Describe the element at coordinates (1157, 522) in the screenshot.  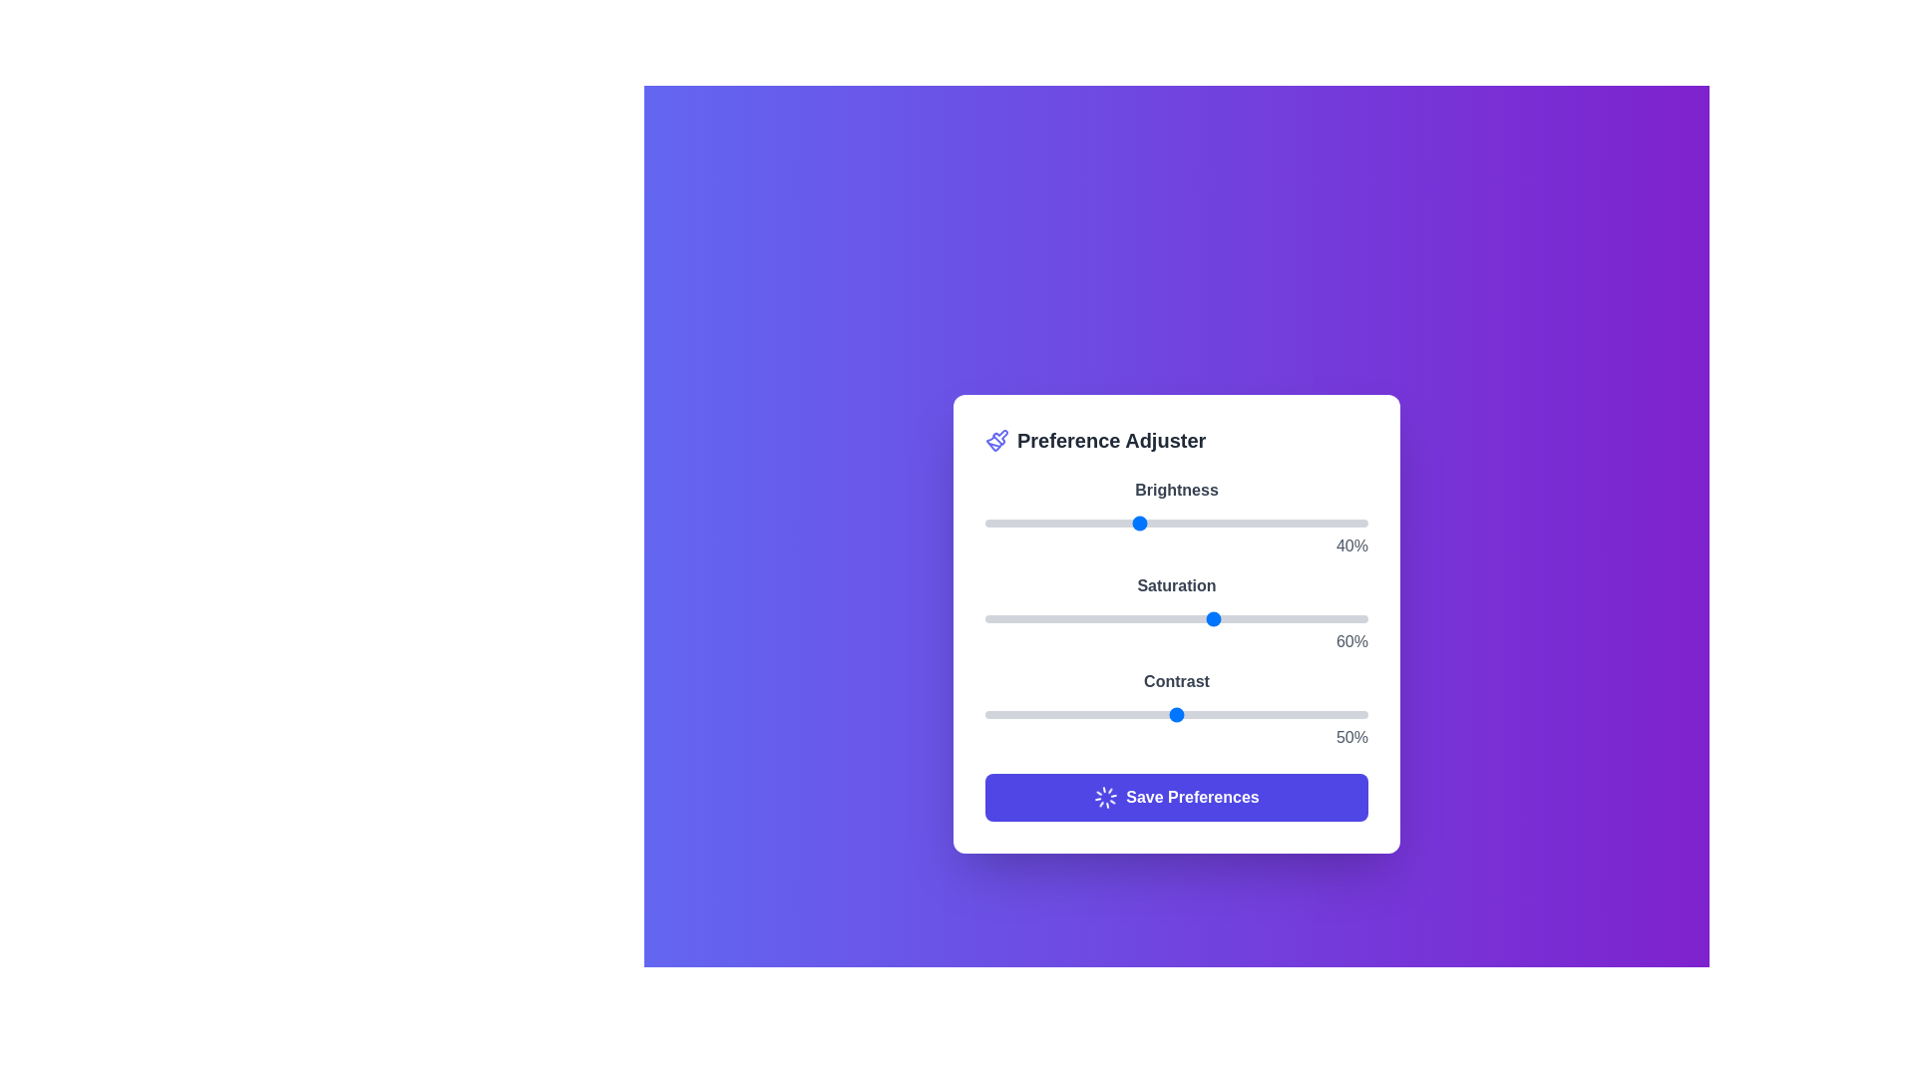
I see `the brightness slider to 45%` at that location.